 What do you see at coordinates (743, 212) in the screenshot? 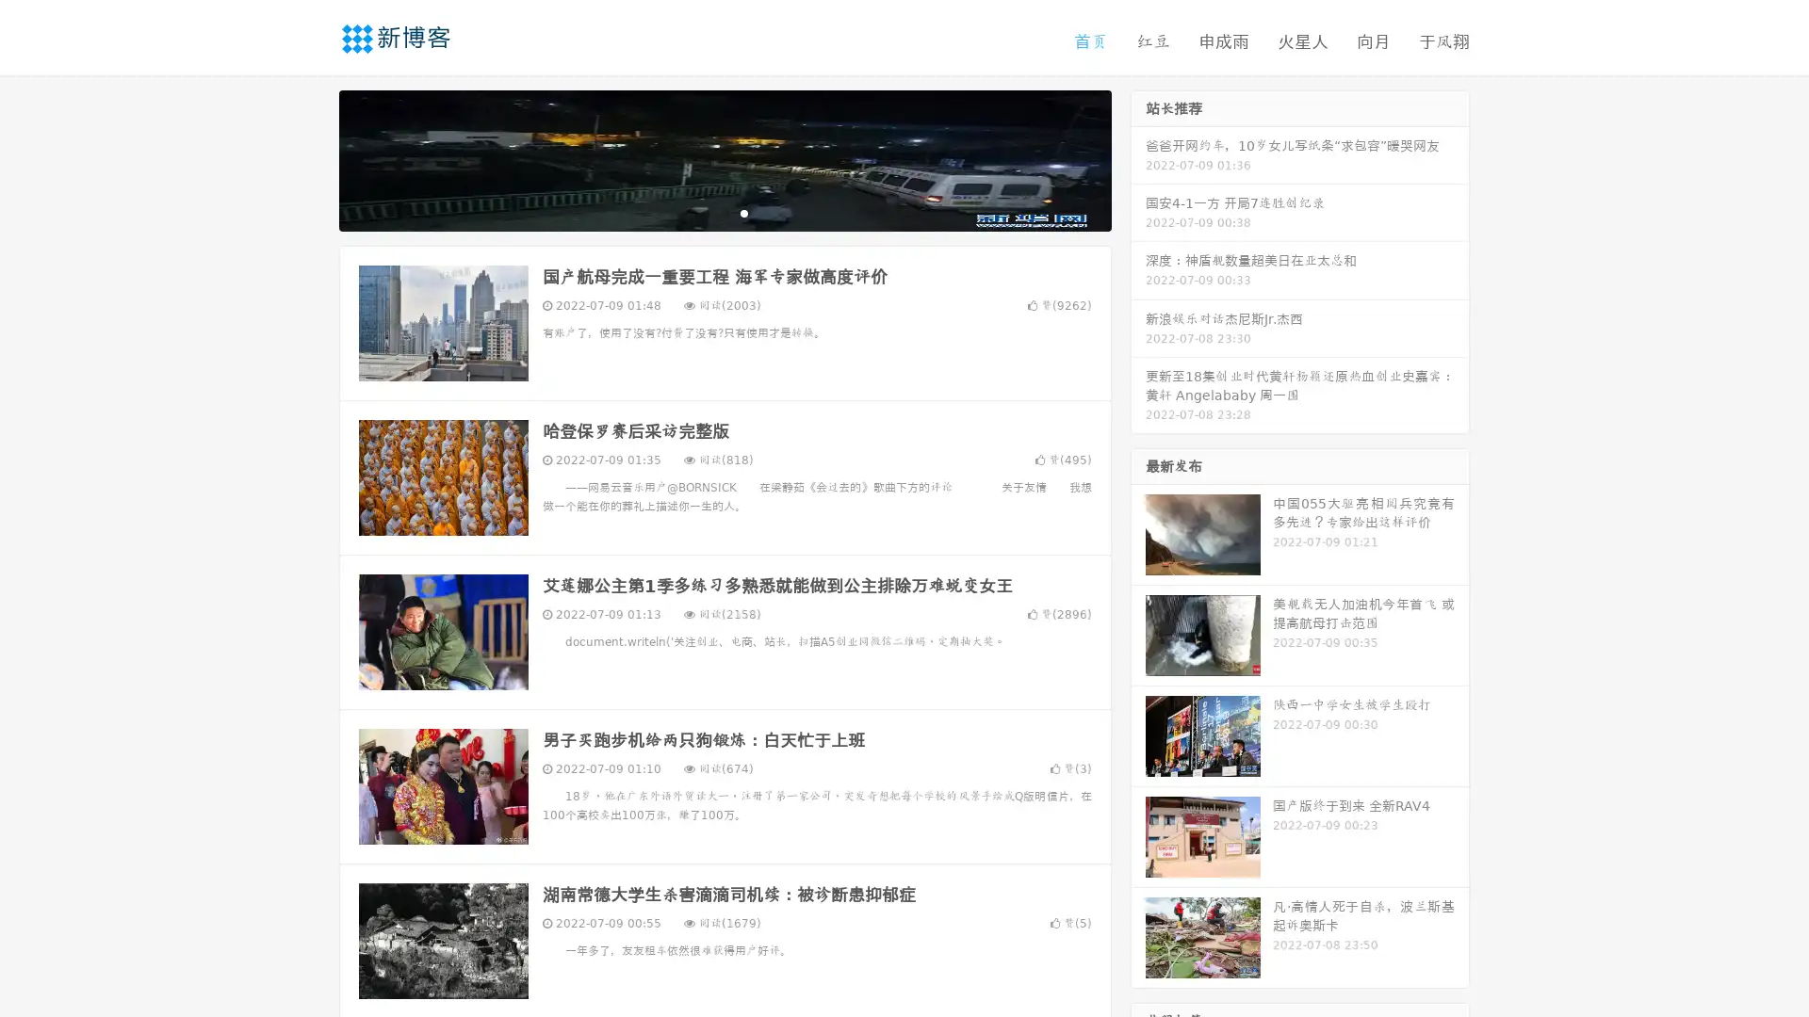
I see `Go to slide 3` at bounding box center [743, 212].